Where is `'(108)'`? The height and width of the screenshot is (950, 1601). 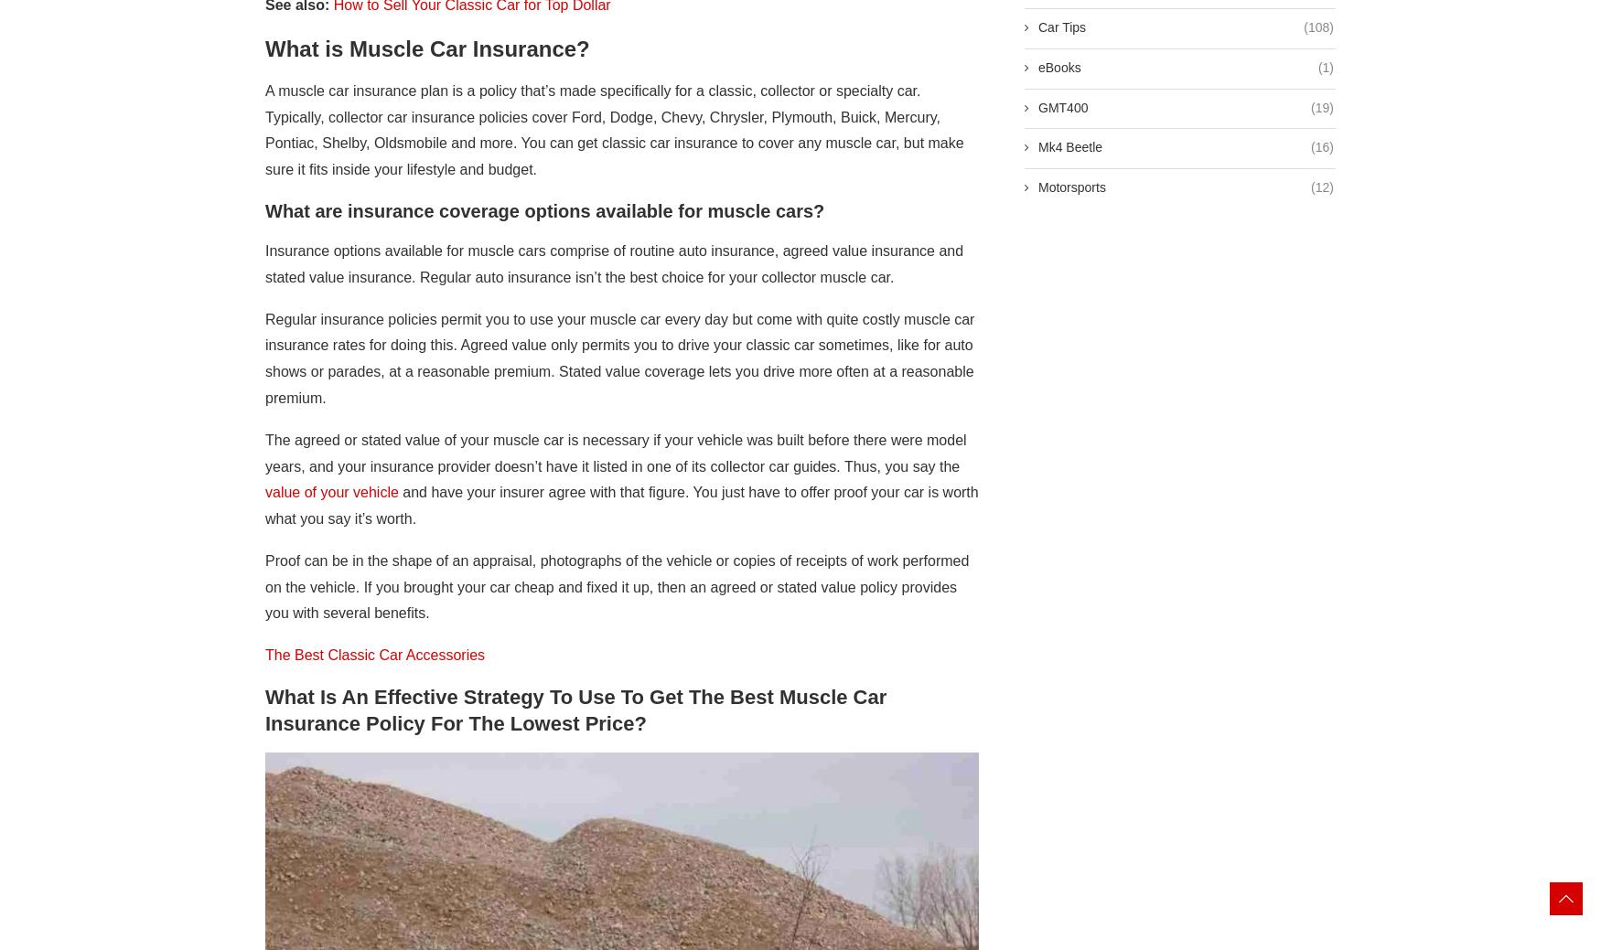
'(108)' is located at coordinates (1318, 27).